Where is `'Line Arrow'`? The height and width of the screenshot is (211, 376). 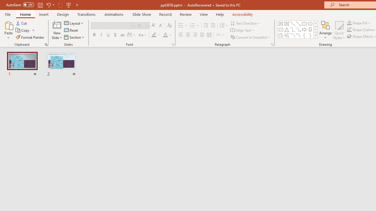
'Line Arrow' is located at coordinates (298, 23).